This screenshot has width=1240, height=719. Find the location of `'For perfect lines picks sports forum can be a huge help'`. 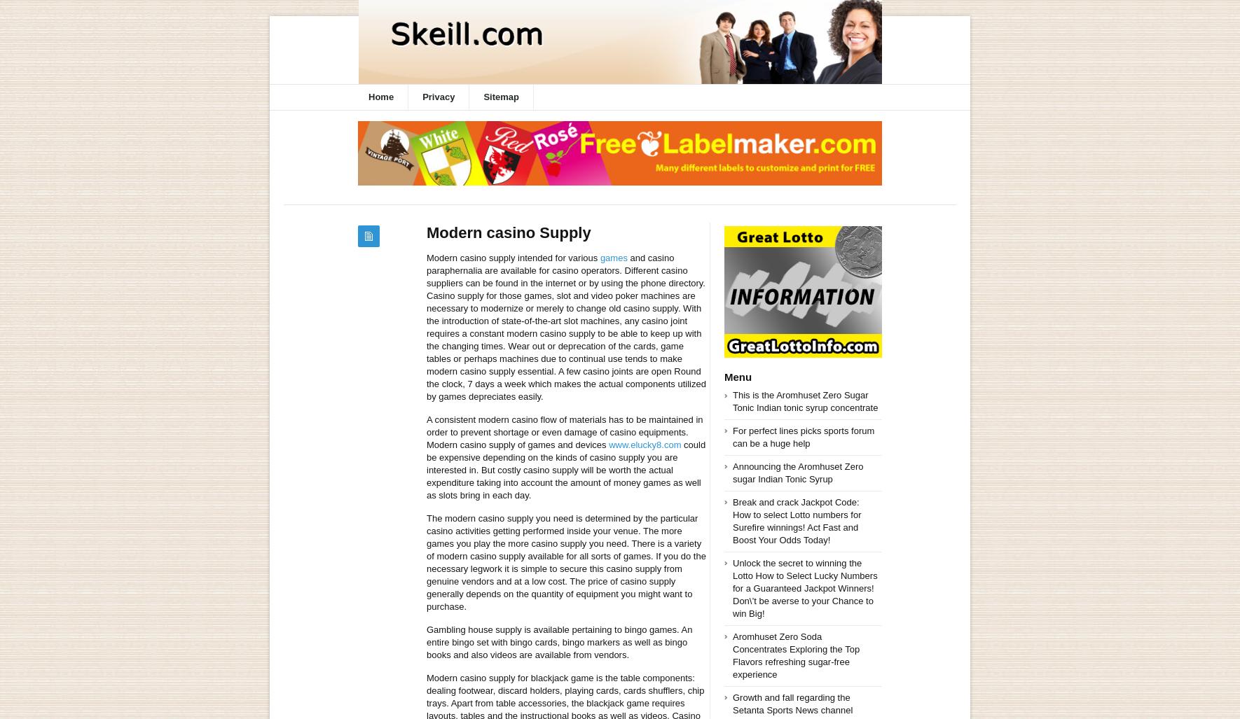

'For perfect lines picks sports forum can be a huge help' is located at coordinates (803, 436).